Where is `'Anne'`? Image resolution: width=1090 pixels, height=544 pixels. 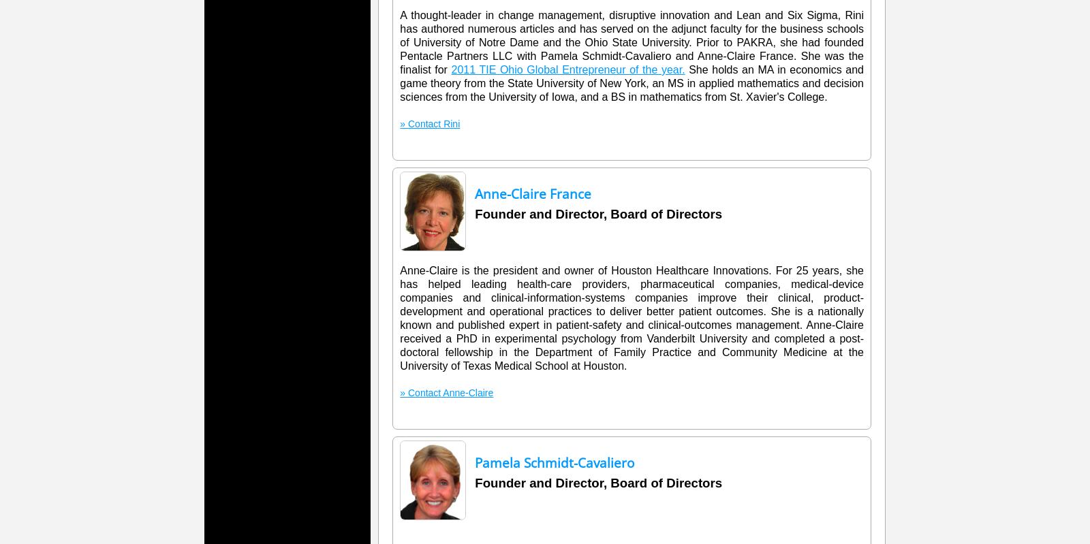
'Anne' is located at coordinates (817, 324).